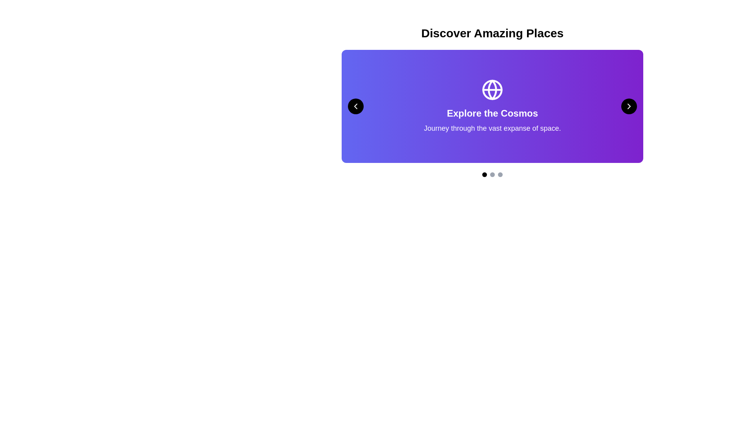 The height and width of the screenshot is (424, 754). I want to click on the right navigation icon located inside a circular button on the carousel component, which indicates moving or navigating forward, so click(629, 106).